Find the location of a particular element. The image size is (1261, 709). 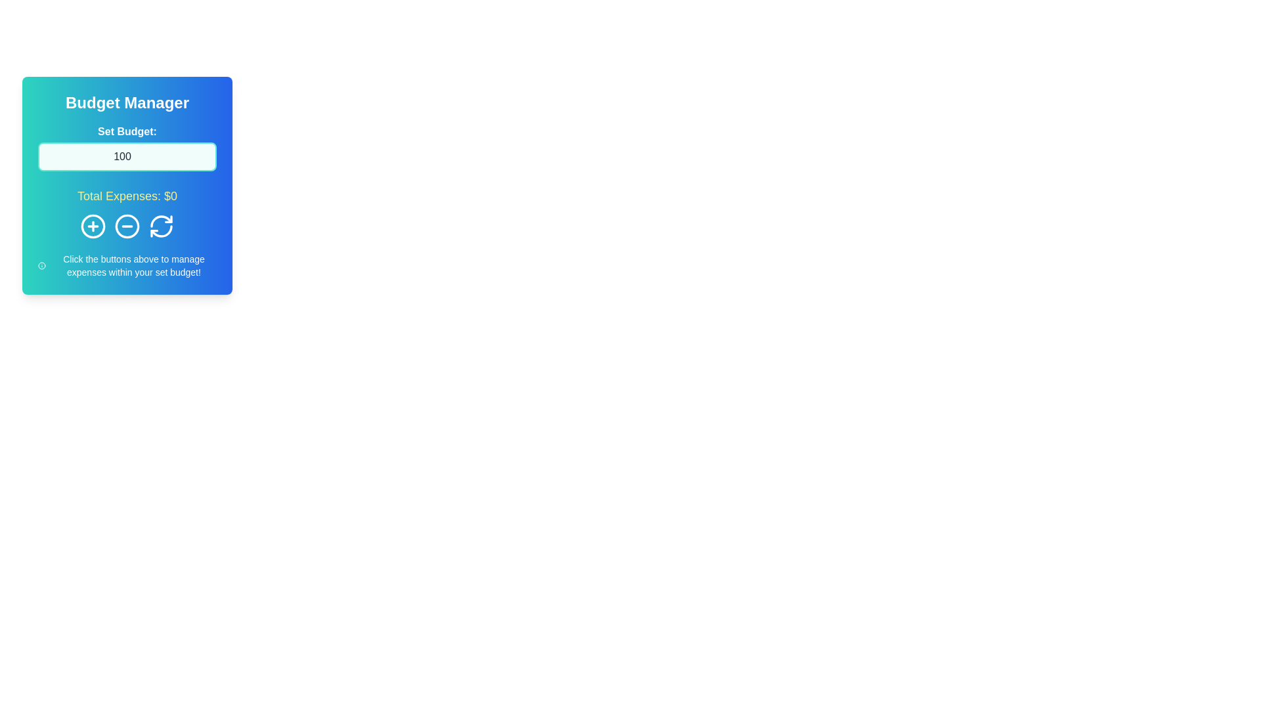

the text label that provides users with instructions related to the action buttons above it, located at the bottom of the layout block is located at coordinates (133, 266).